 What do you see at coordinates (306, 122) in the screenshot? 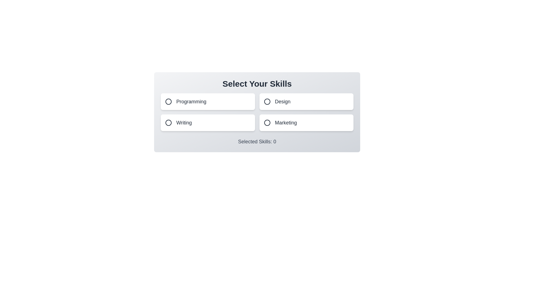
I see `the skill button corresponding to Marketing` at bounding box center [306, 122].